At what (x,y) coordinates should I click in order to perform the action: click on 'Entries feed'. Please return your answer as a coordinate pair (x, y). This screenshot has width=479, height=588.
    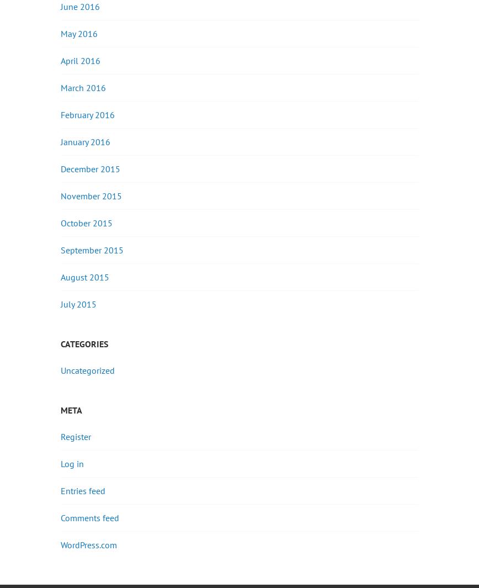
    Looking at the image, I should click on (83, 490).